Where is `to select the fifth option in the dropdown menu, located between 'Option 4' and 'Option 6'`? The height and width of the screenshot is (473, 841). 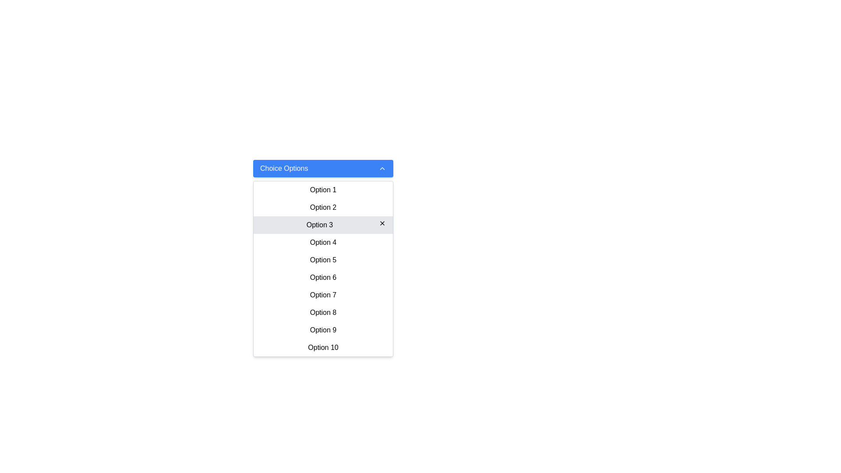
to select the fifth option in the dropdown menu, located between 'Option 4' and 'Option 6' is located at coordinates (323, 260).